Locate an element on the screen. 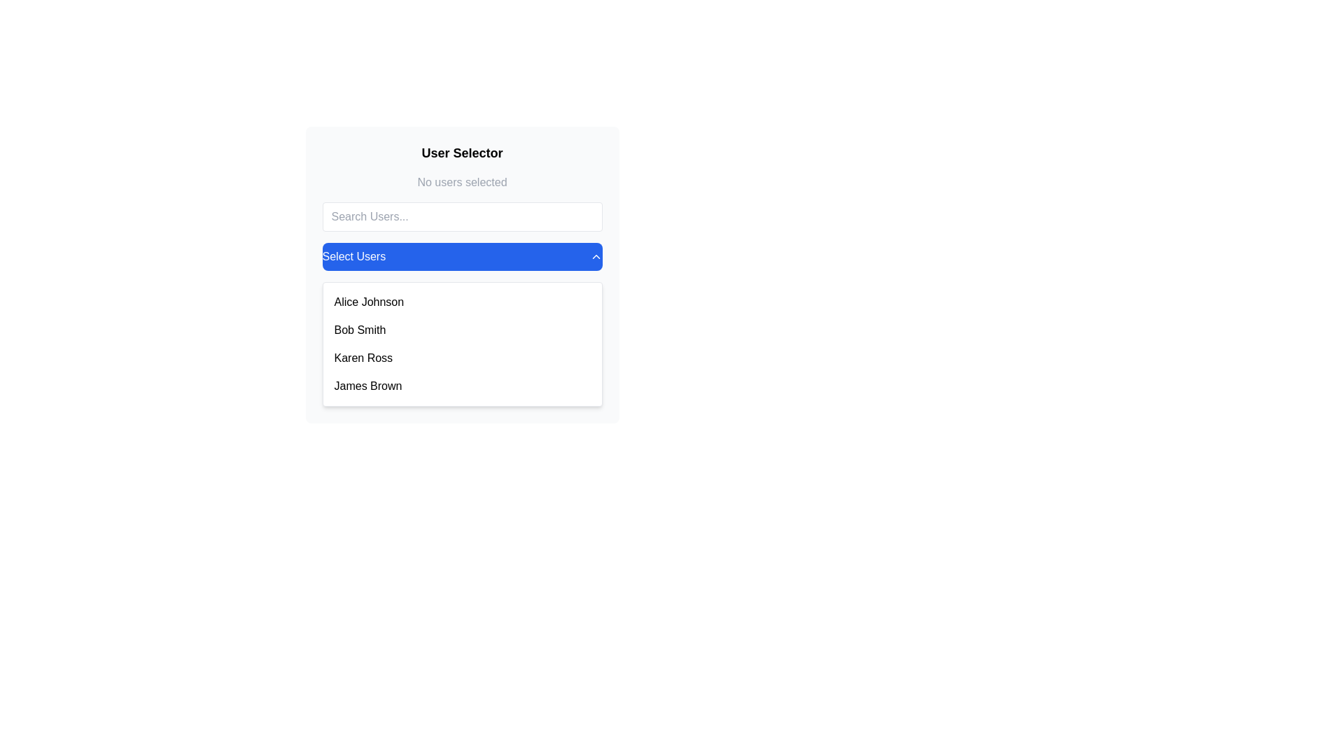  the 'Karen Ross' text in the third position of the dropdown list labeled 'Select Users' is located at coordinates (363, 358).